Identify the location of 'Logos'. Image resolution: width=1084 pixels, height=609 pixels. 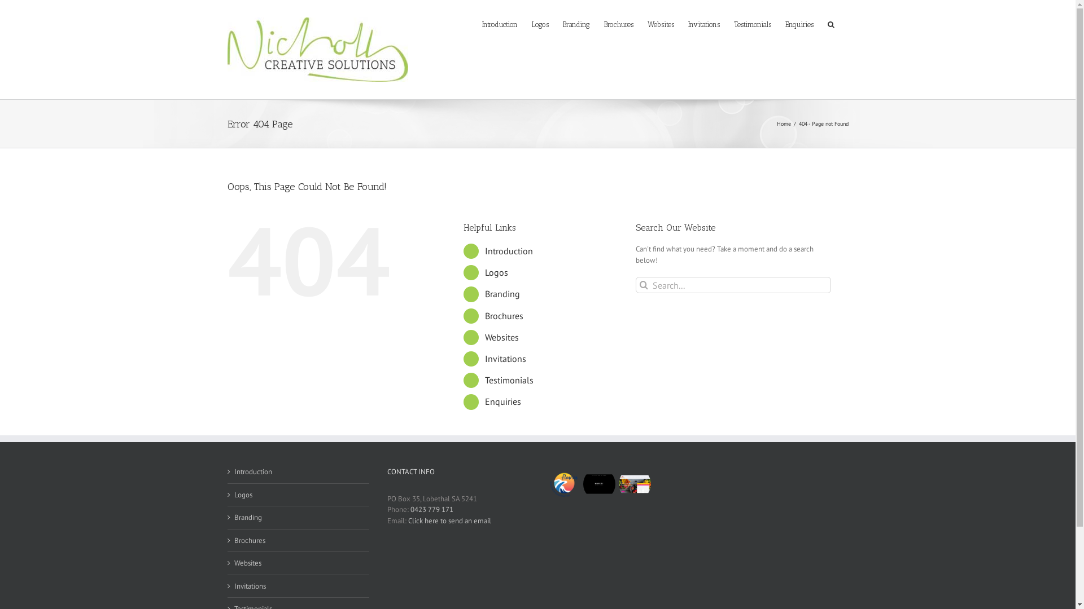
(531, 24).